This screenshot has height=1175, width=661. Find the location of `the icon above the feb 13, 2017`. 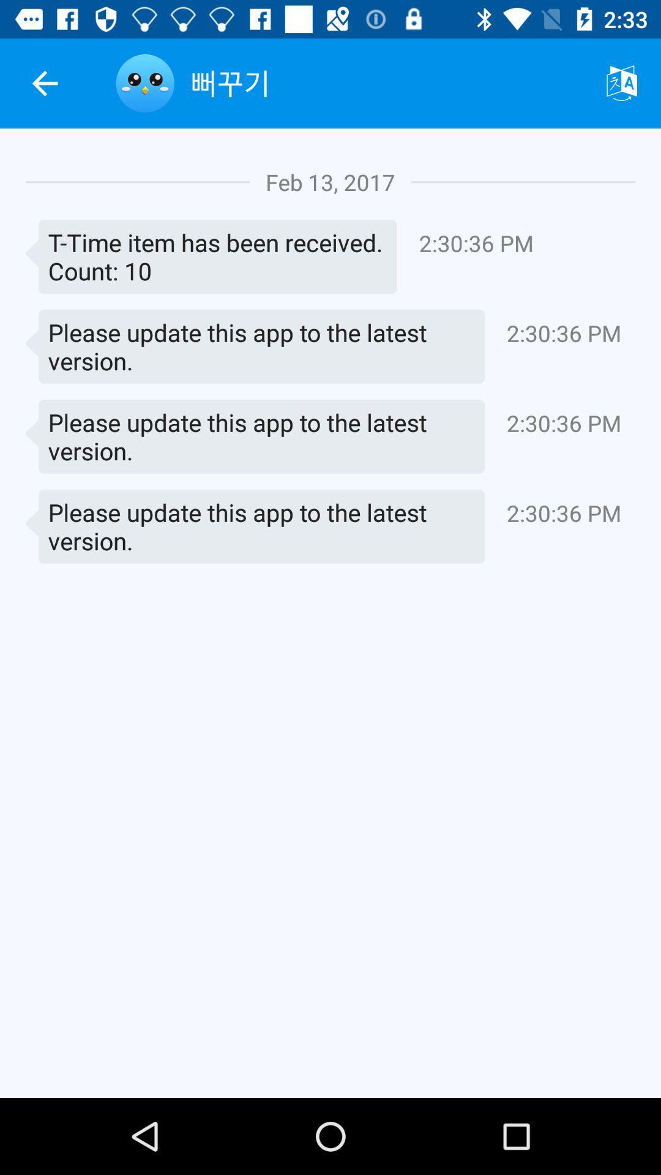

the icon above the feb 13, 2017 is located at coordinates (387, 83).